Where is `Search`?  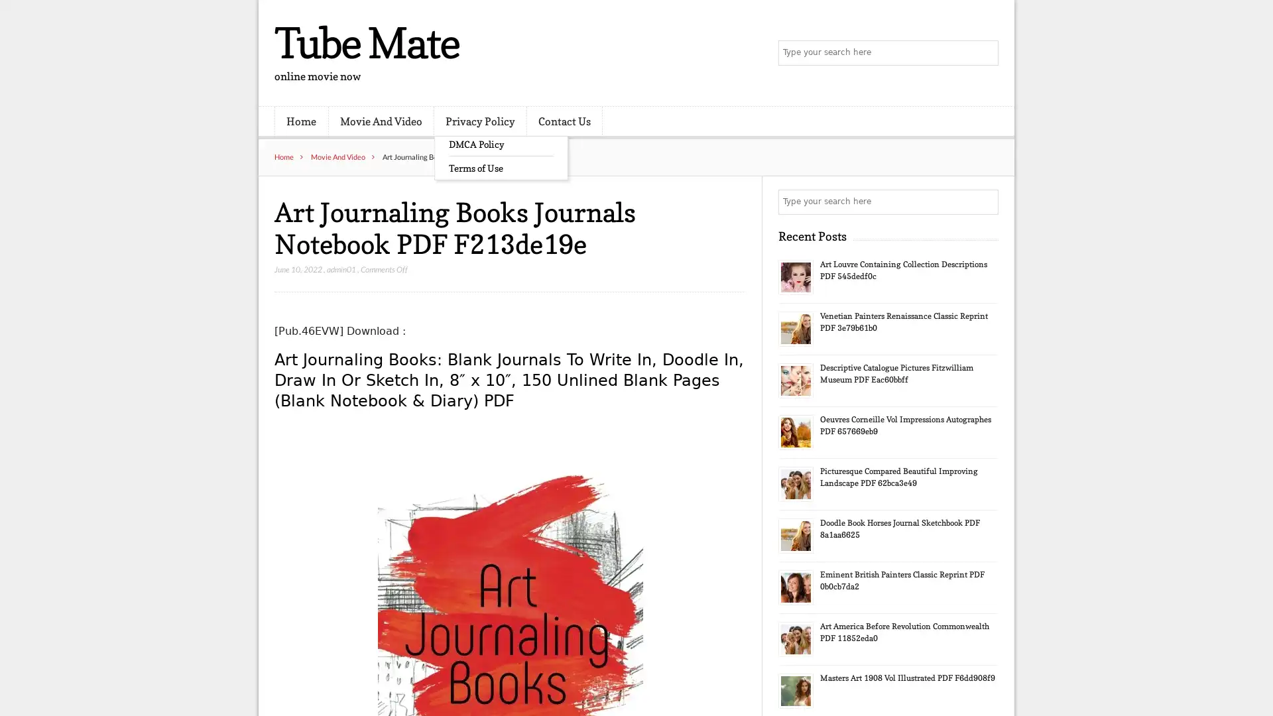 Search is located at coordinates (985, 53).